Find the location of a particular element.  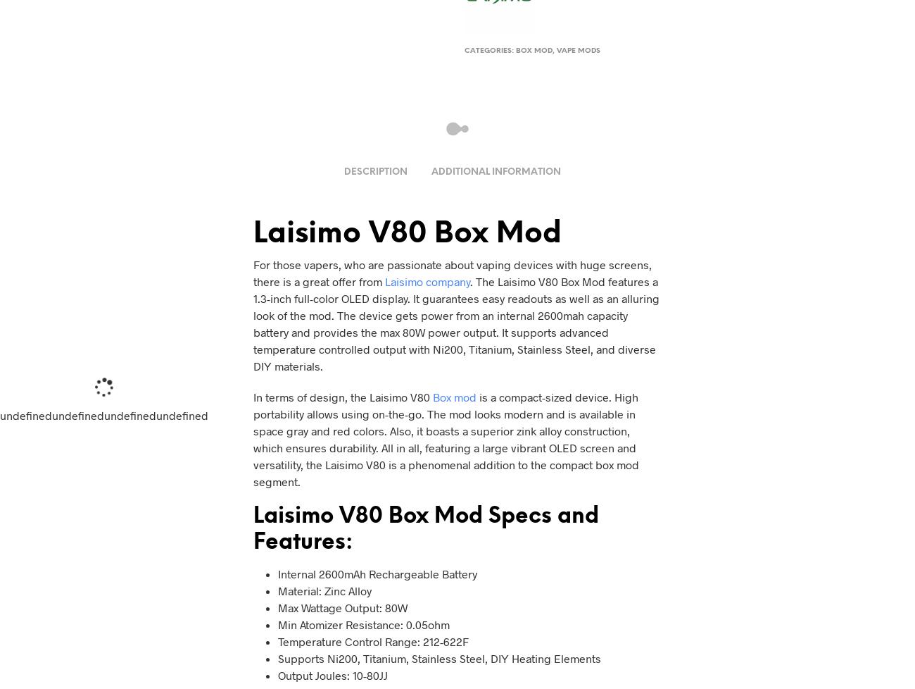

'Output Joules: 10-80JJ' is located at coordinates (277, 674).